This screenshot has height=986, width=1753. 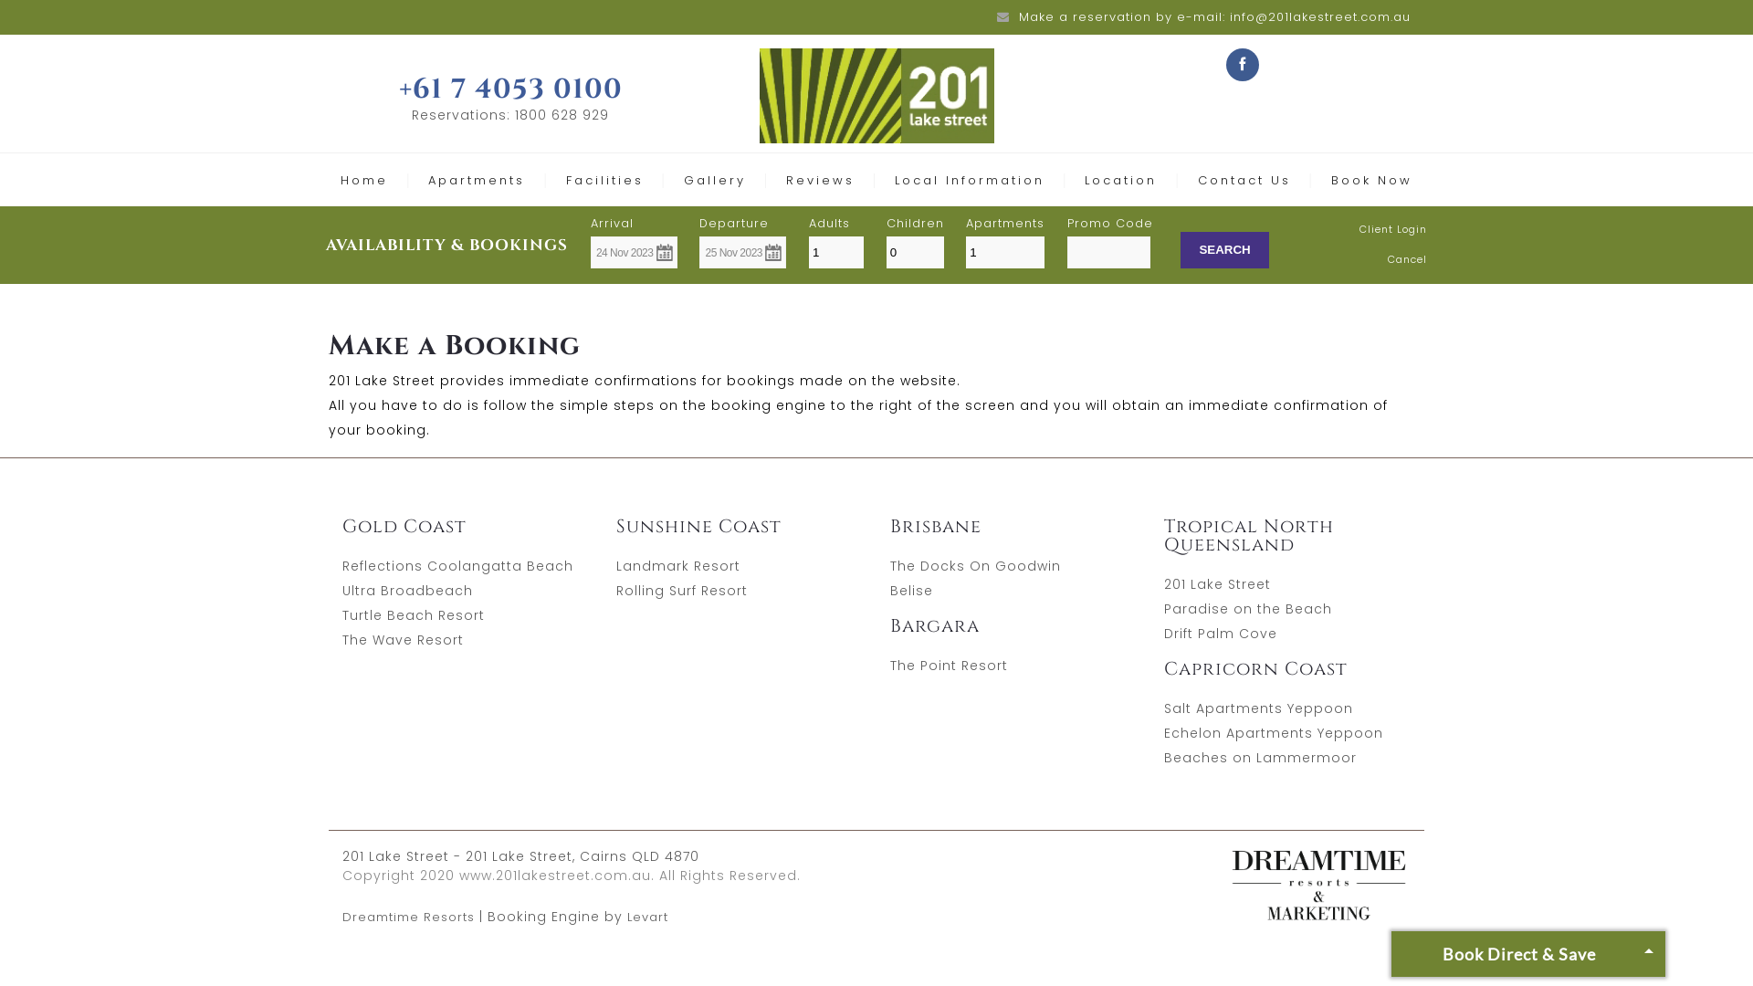 What do you see at coordinates (616, 565) in the screenshot?
I see `'Landmark Resort'` at bounding box center [616, 565].